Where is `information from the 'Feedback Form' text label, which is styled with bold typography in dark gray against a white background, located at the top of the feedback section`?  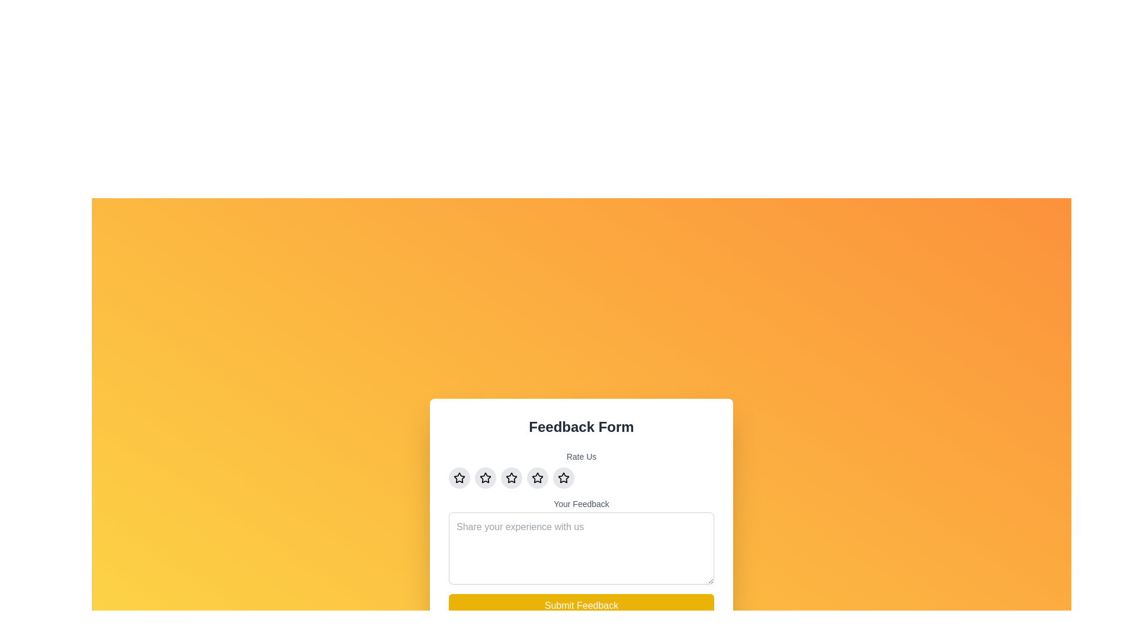 information from the 'Feedback Form' text label, which is styled with bold typography in dark gray against a white background, located at the top of the feedback section is located at coordinates (582, 427).